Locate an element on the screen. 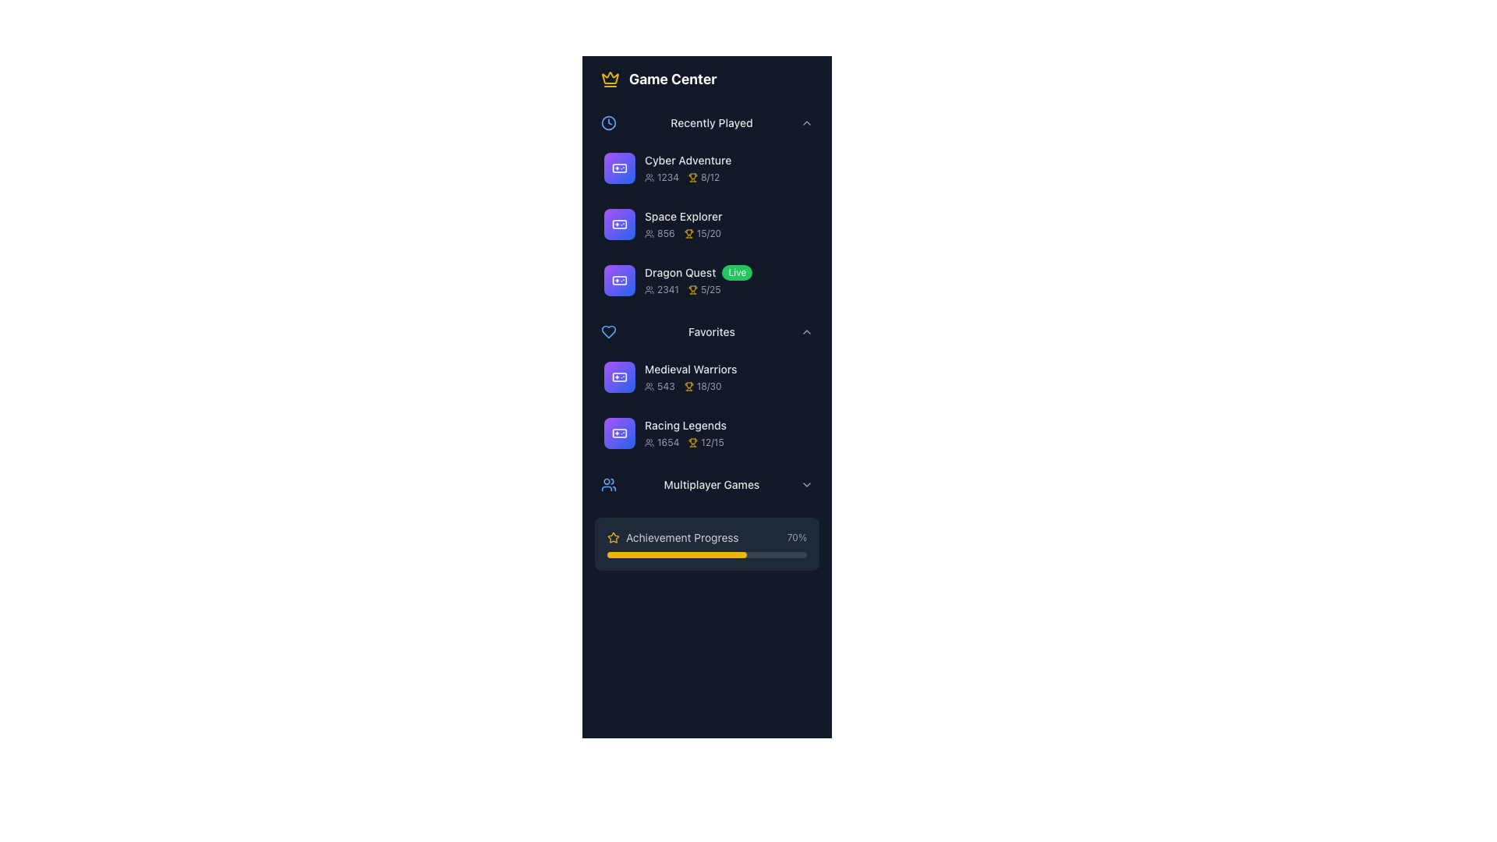  the text label indicating achievements earned out of a total for the 'Racing Legends' game entry, located to the right of the yellow trophy icon in the 'Favorites' section is located at coordinates (712, 442).